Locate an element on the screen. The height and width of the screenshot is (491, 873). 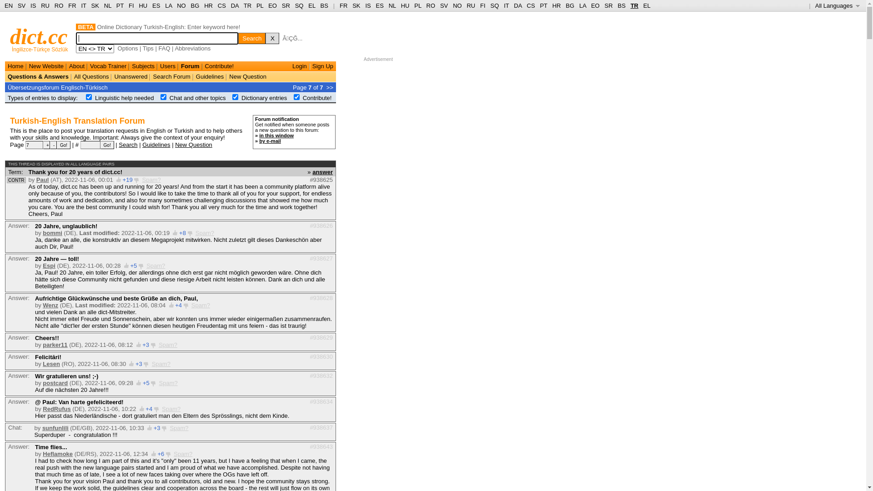
'New Question' is located at coordinates (248, 76).